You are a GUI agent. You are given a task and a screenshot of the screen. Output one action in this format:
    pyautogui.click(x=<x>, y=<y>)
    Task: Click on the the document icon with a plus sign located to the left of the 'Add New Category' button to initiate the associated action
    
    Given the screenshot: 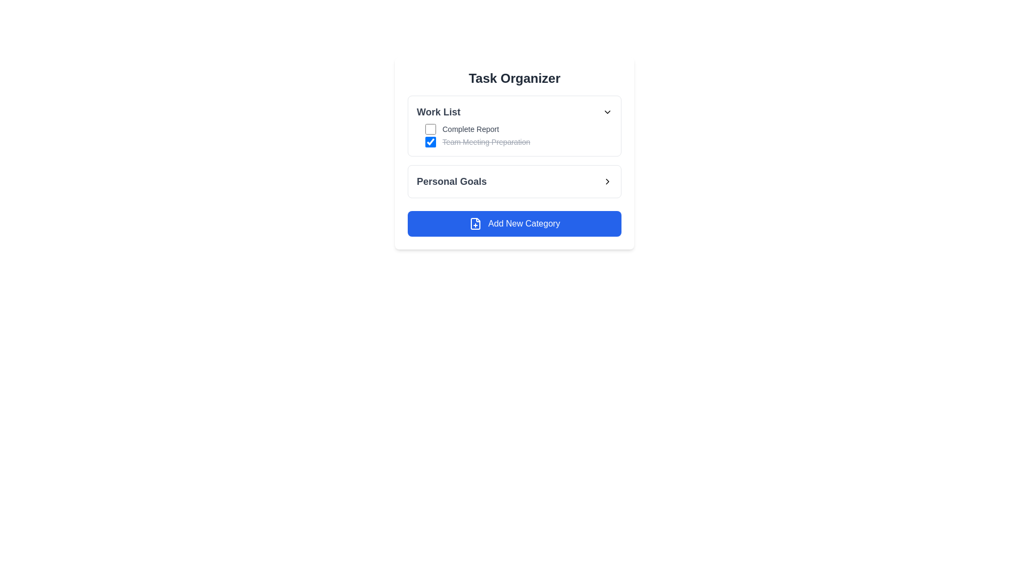 What is the action you would take?
    pyautogui.click(x=475, y=223)
    